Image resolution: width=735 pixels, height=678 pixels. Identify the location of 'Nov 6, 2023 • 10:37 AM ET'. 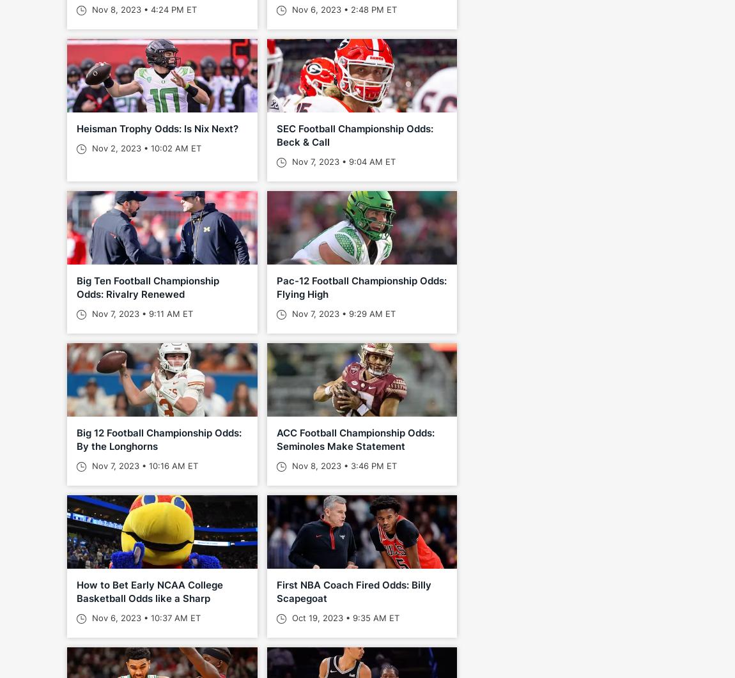
(144, 617).